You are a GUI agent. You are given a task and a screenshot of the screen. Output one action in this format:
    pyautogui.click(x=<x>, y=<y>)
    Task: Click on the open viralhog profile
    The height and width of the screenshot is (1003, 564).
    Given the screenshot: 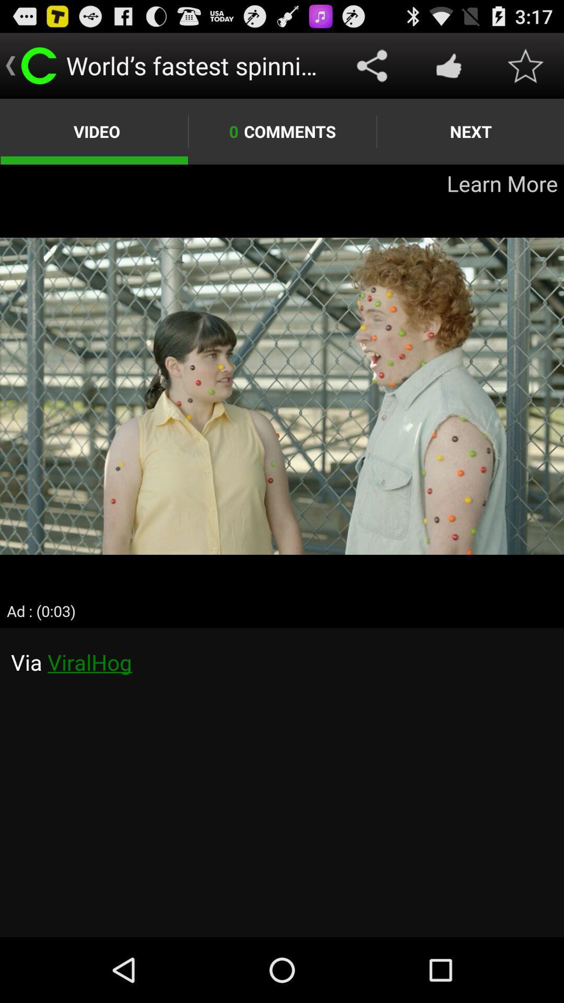 What is the action you would take?
    pyautogui.click(x=282, y=783)
    